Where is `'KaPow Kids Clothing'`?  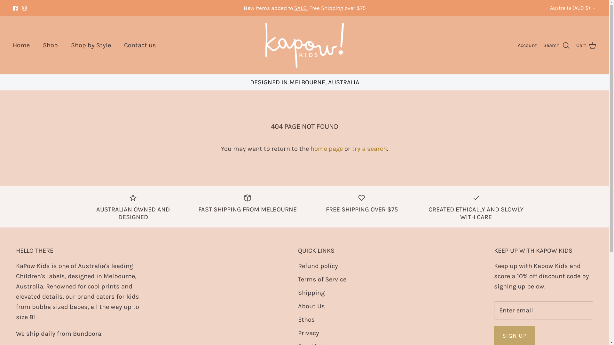
'KaPow Kids Clothing' is located at coordinates (265, 45).